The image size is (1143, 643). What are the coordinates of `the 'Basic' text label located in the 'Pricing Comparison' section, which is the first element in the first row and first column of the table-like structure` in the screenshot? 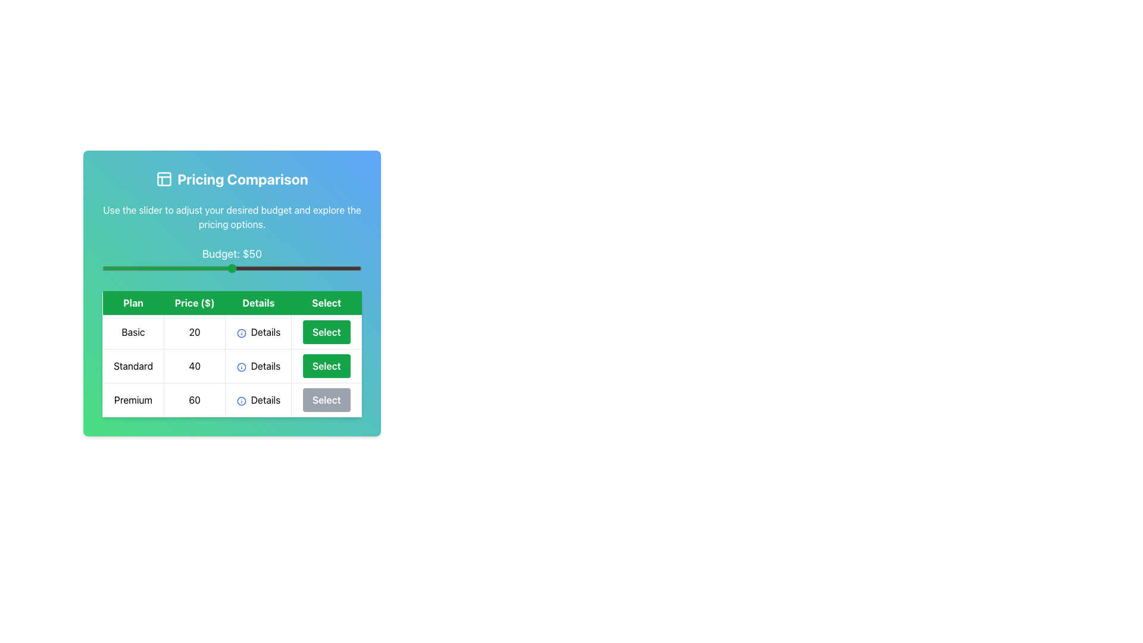 It's located at (133, 332).